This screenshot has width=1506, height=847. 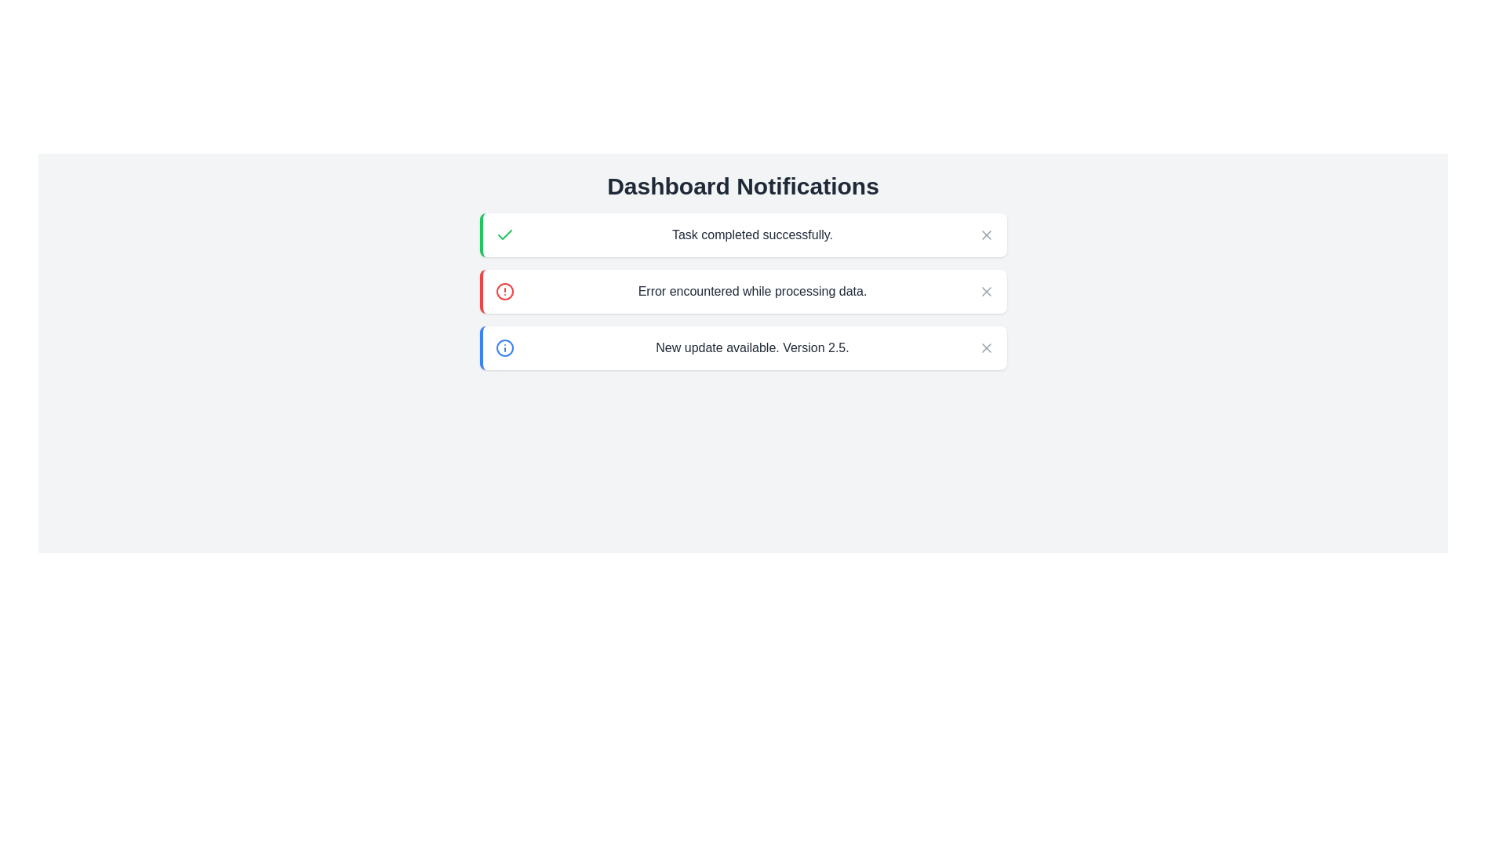 I want to click on the SVG Circle that is part of the alert icon in the second notification item, which indicates an error status, so click(x=504, y=291).